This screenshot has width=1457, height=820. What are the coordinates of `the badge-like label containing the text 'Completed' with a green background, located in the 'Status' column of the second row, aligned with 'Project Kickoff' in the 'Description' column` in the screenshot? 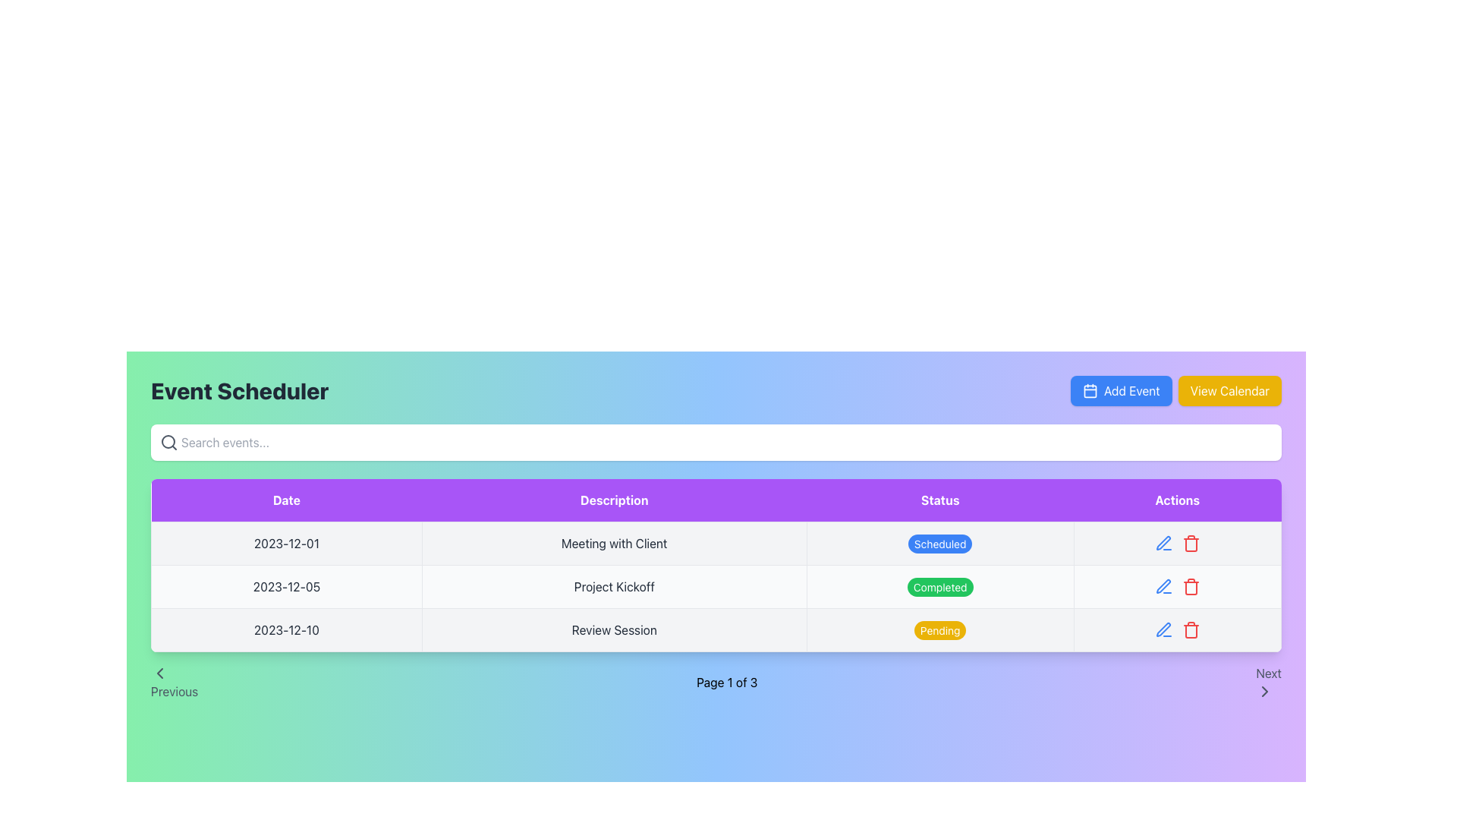 It's located at (939, 586).